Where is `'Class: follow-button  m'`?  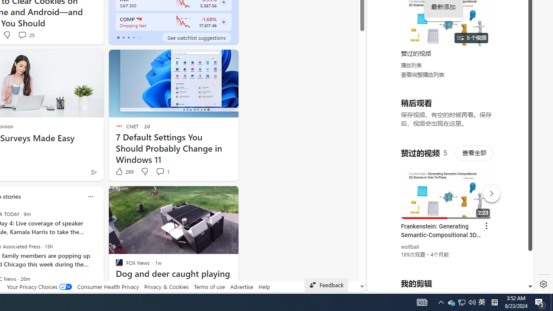
'Class: follow-button  m' is located at coordinates (223, 22).